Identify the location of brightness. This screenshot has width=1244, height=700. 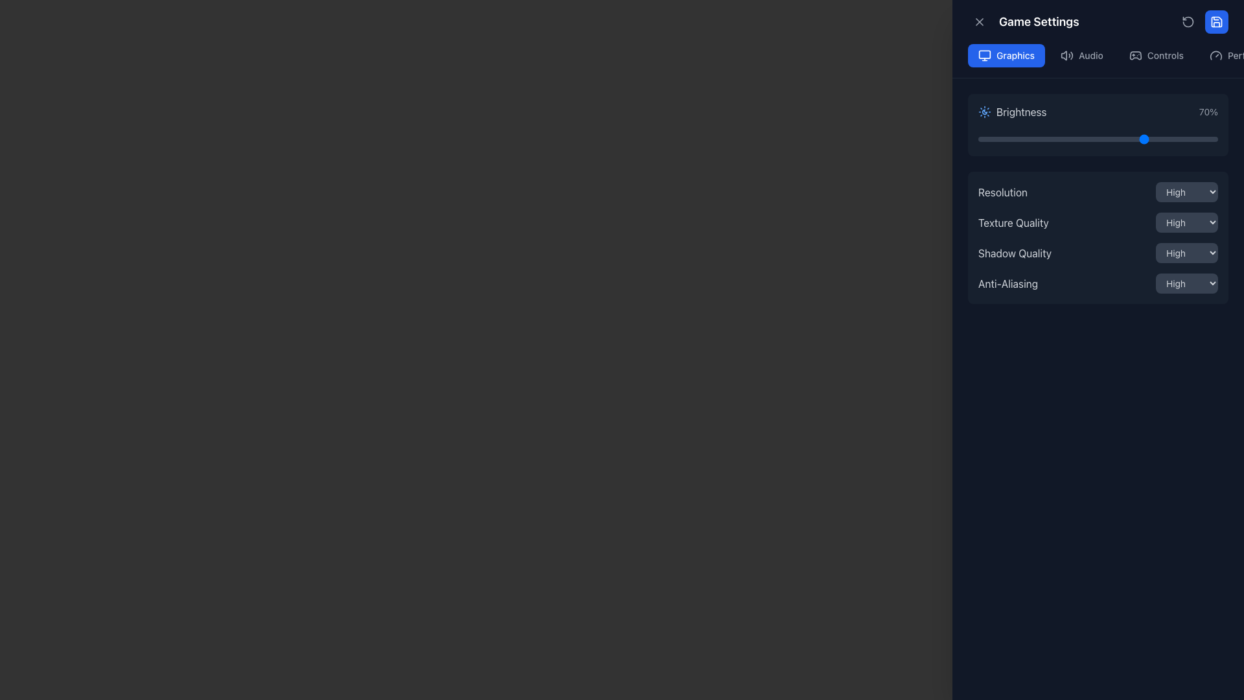
(1208, 139).